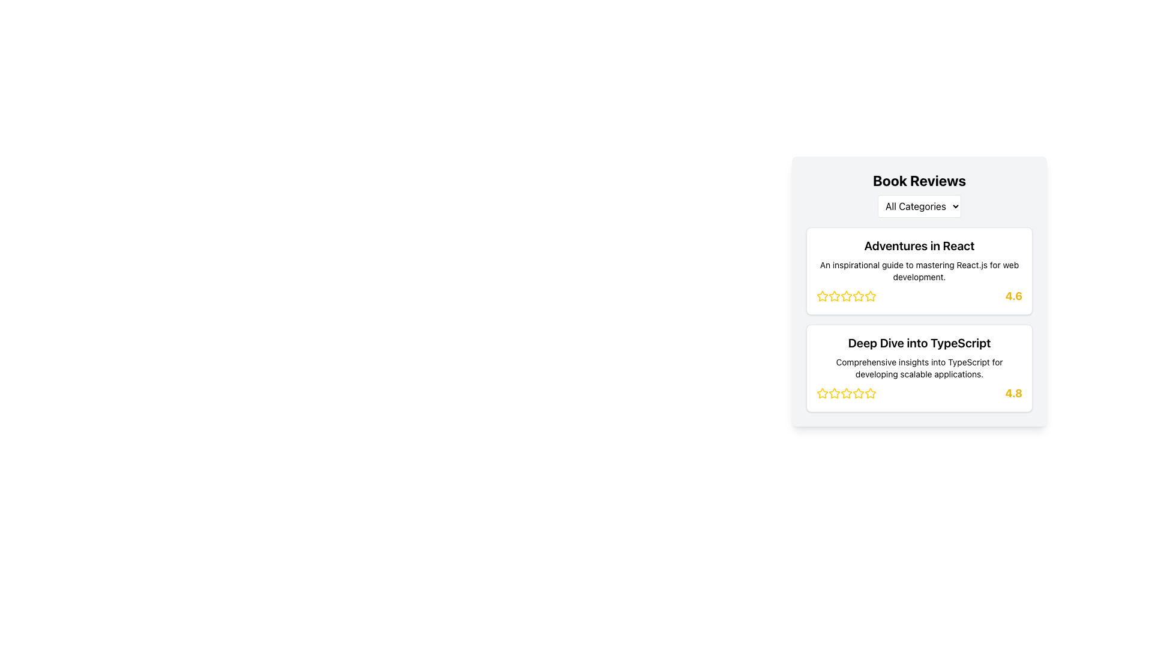 This screenshot has height=648, width=1152. I want to click on the first star icon in the rating system under the text 'Adventures in React' in the 'Book Reviews' section, so click(834, 296).